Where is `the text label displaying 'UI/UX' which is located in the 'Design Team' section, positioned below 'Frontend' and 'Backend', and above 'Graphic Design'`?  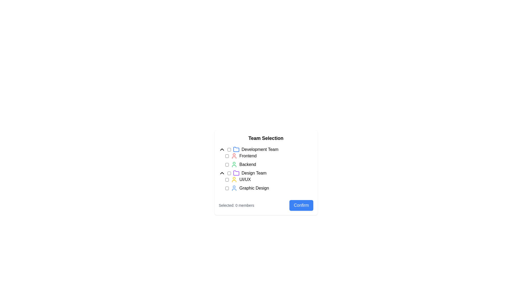 the text label displaying 'UI/UX' which is located in the 'Design Team' section, positioned below 'Frontend' and 'Backend', and above 'Graphic Design' is located at coordinates (245, 179).